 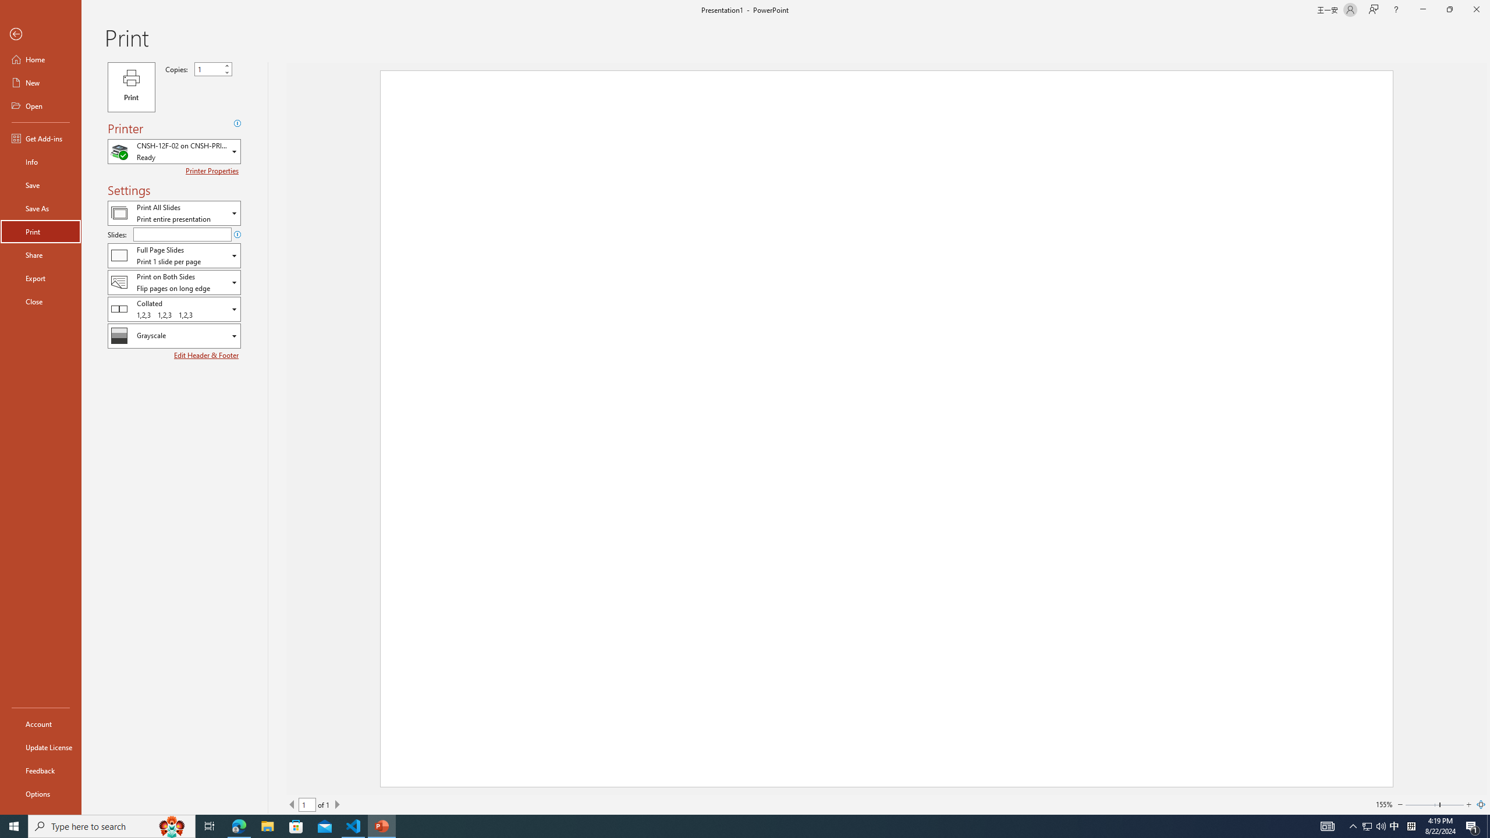 What do you see at coordinates (40, 747) in the screenshot?
I see `'Update License'` at bounding box center [40, 747].